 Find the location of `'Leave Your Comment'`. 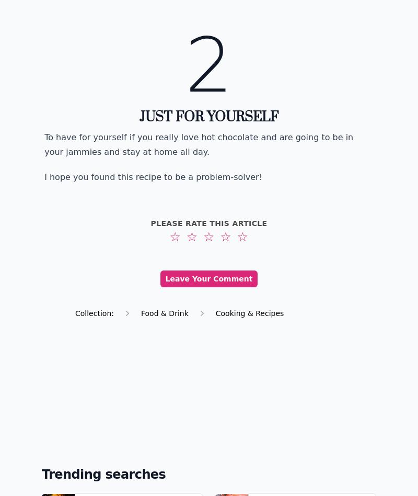

'Leave Your Comment' is located at coordinates (208, 278).